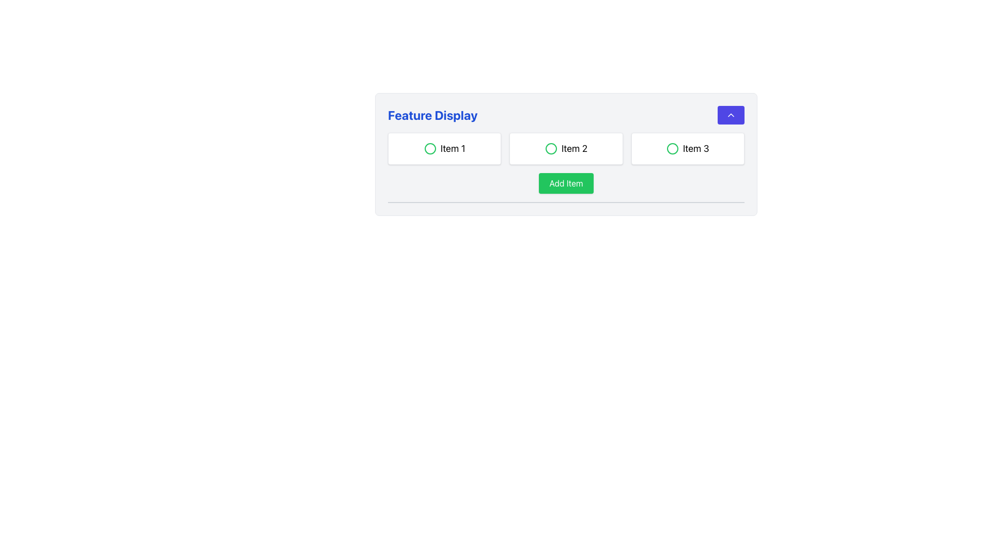  What do you see at coordinates (550, 149) in the screenshot?
I see `the green status indicator icon located to the left of the text in the second box labeled 'Item 2'` at bounding box center [550, 149].